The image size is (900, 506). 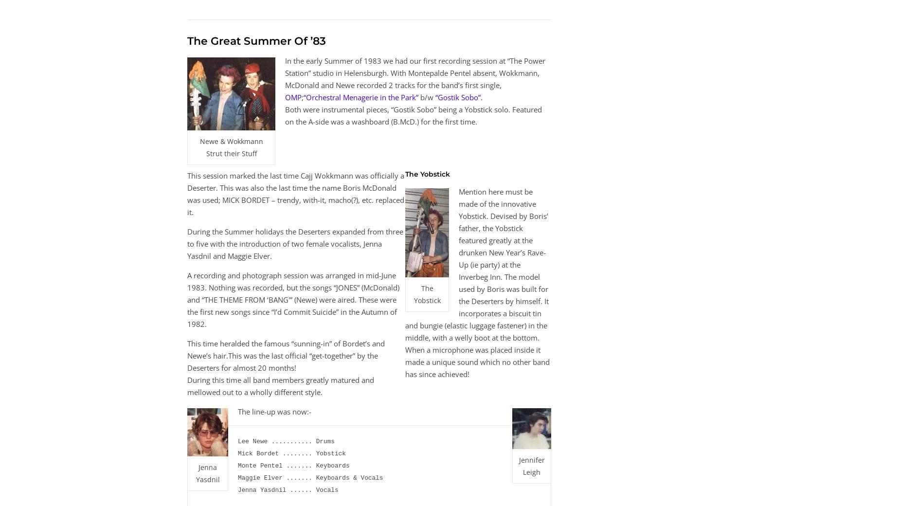 I want to click on 'A recording and photograph session was arranged in mid-June 1983. Nothing was recorded, but the songs “JONES” (McDonald) and “THE THEME FROM ‘BANG'” (Newe) were aired. These were the first new songs since “I’d Commit Suicide” in the Autumn of 1982.', so click(x=293, y=298).